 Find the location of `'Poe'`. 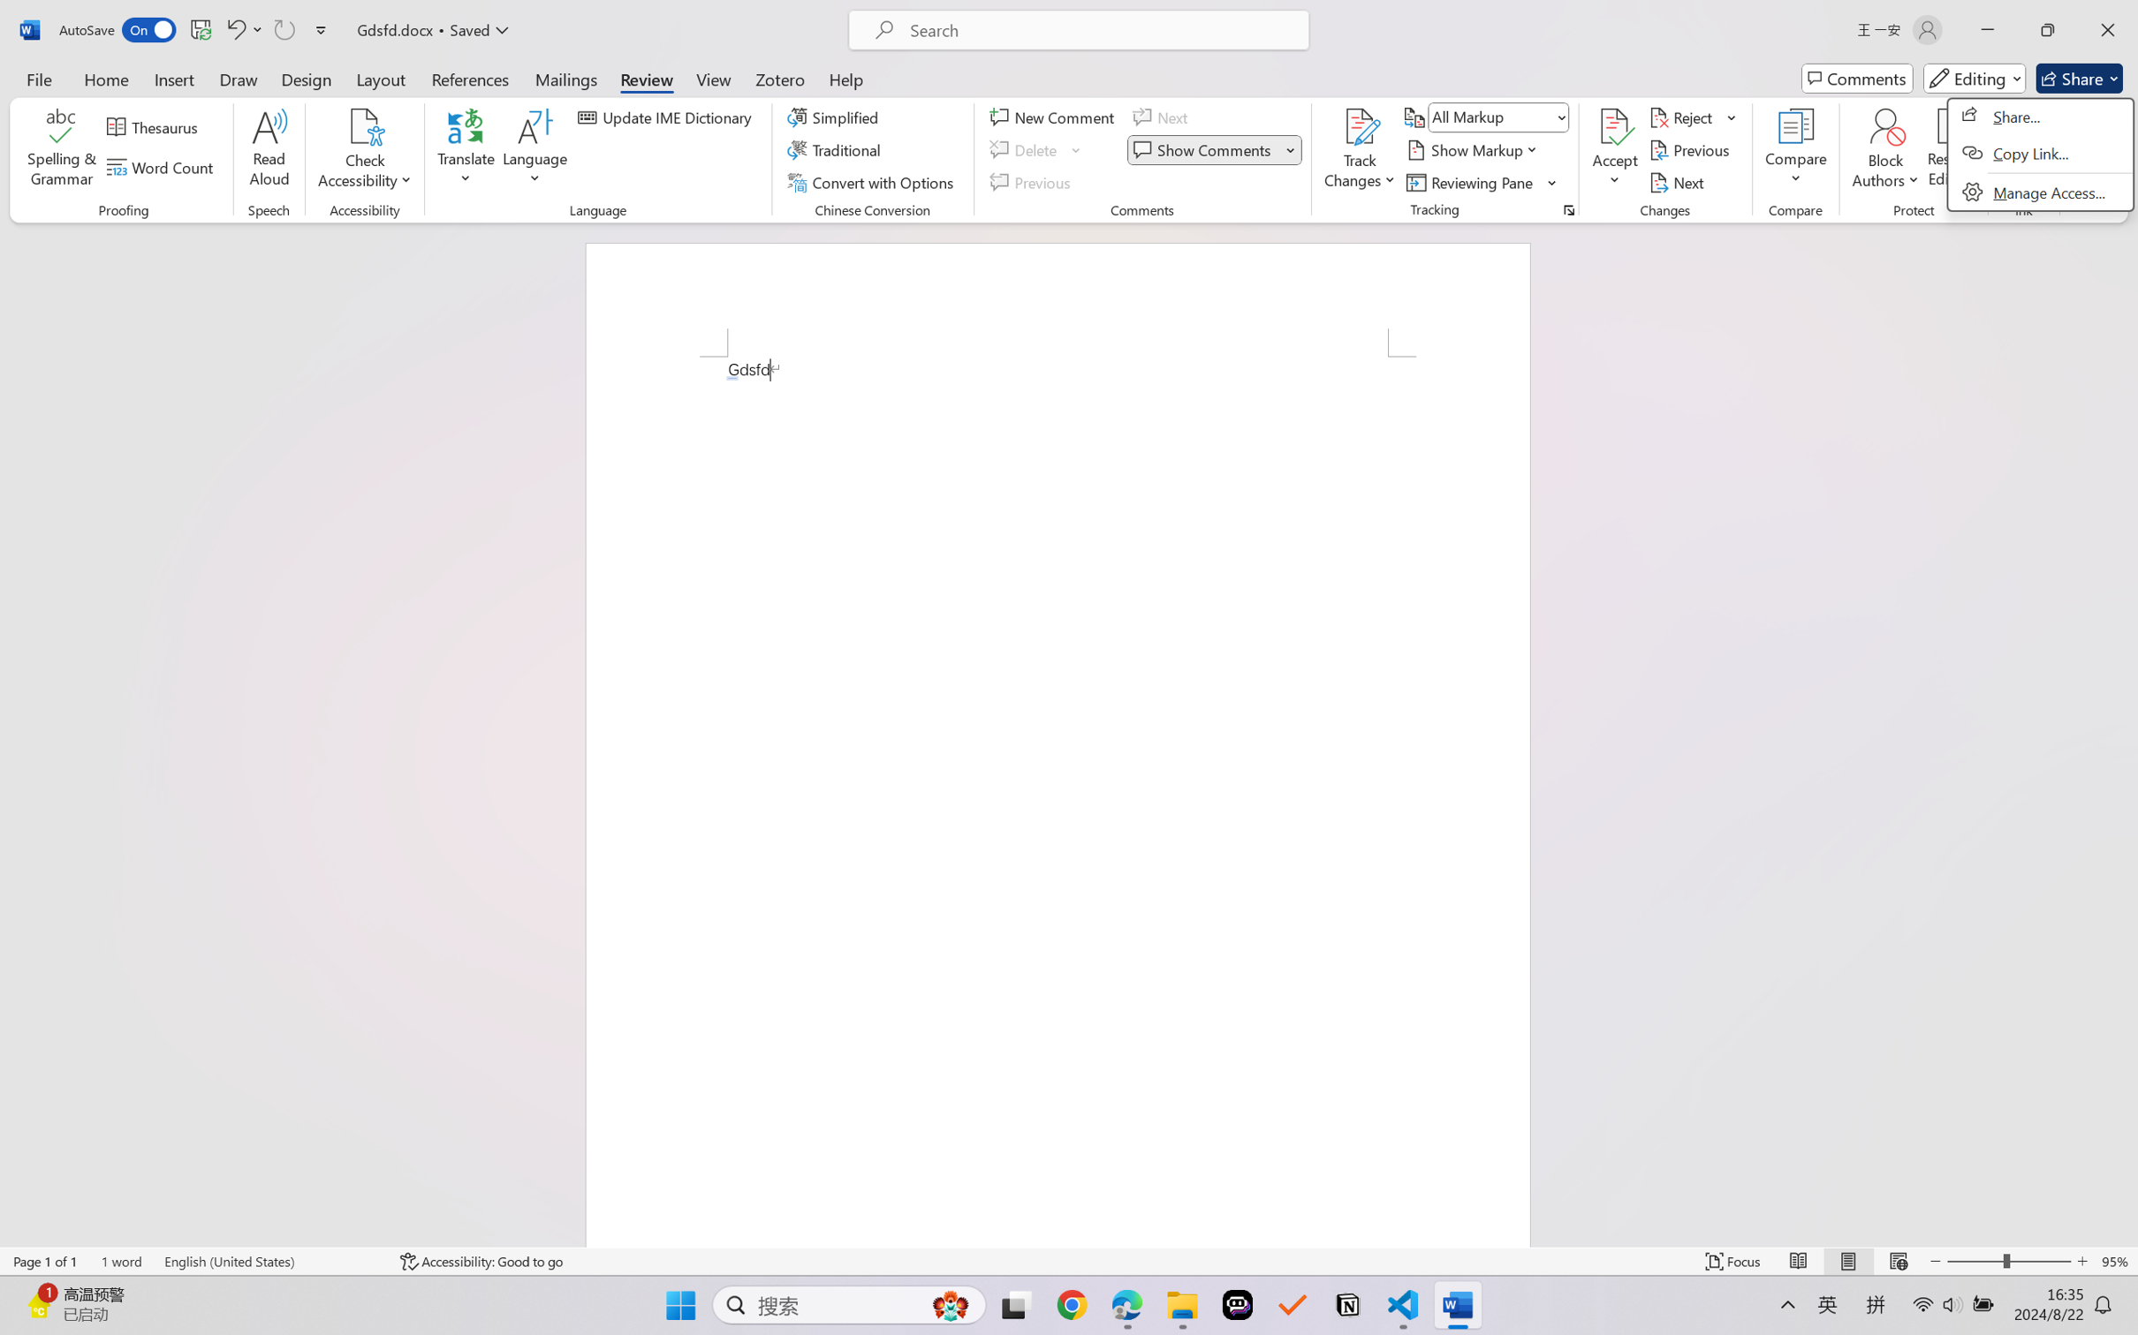

'Poe' is located at coordinates (1237, 1305).